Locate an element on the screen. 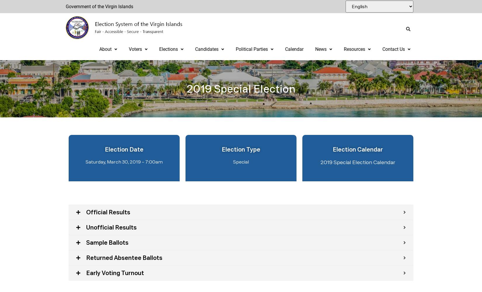  'Early Voting Turnout' is located at coordinates (115, 273).